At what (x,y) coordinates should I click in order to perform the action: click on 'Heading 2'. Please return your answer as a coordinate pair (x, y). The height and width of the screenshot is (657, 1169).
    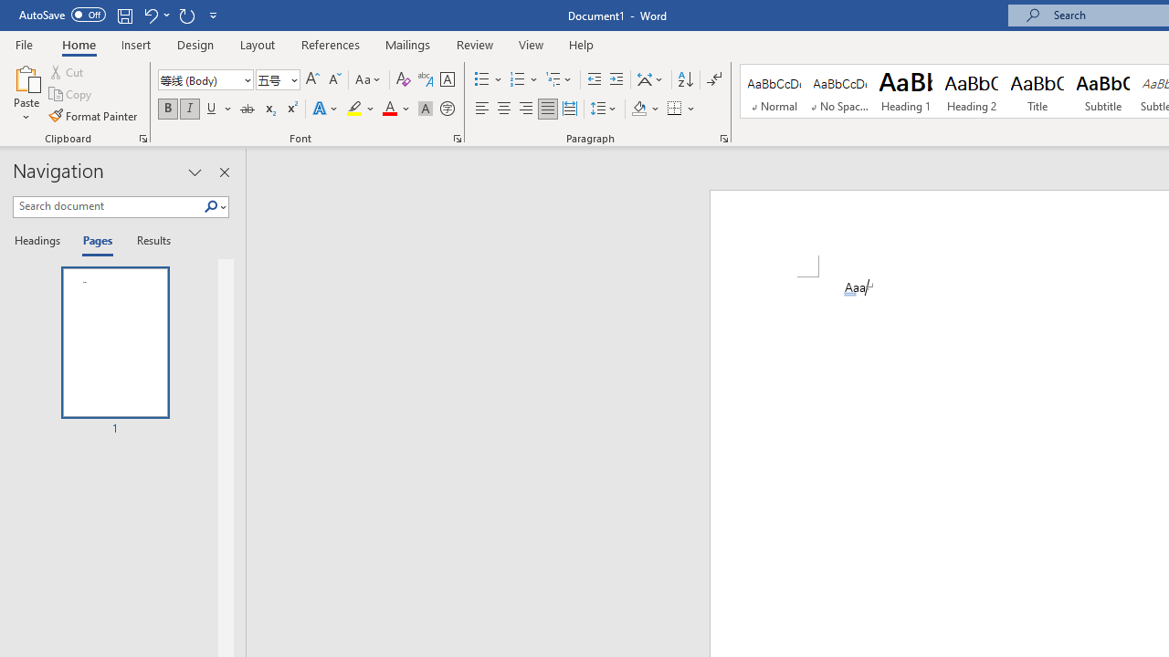
    Looking at the image, I should click on (970, 91).